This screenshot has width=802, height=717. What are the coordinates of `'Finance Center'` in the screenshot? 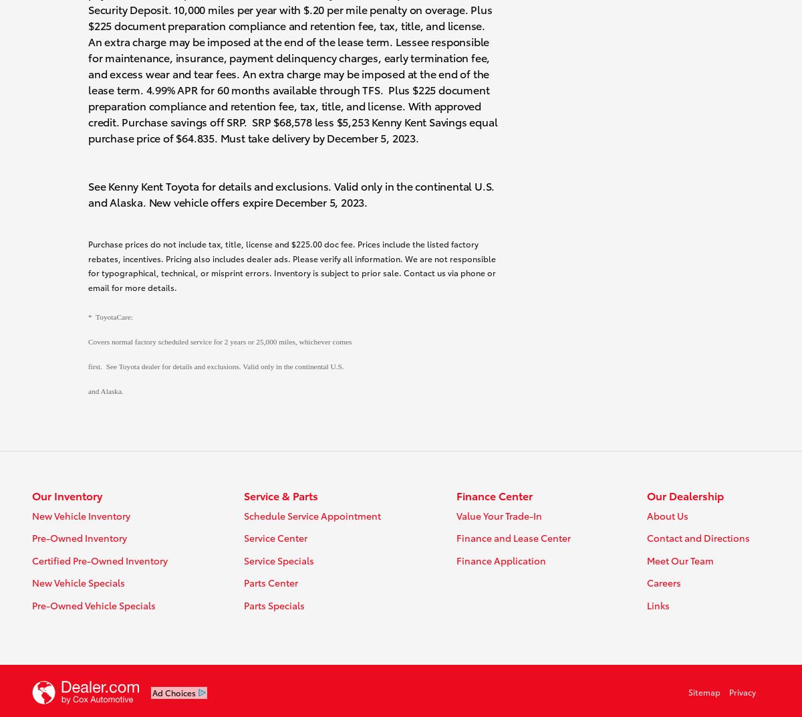 It's located at (495, 495).